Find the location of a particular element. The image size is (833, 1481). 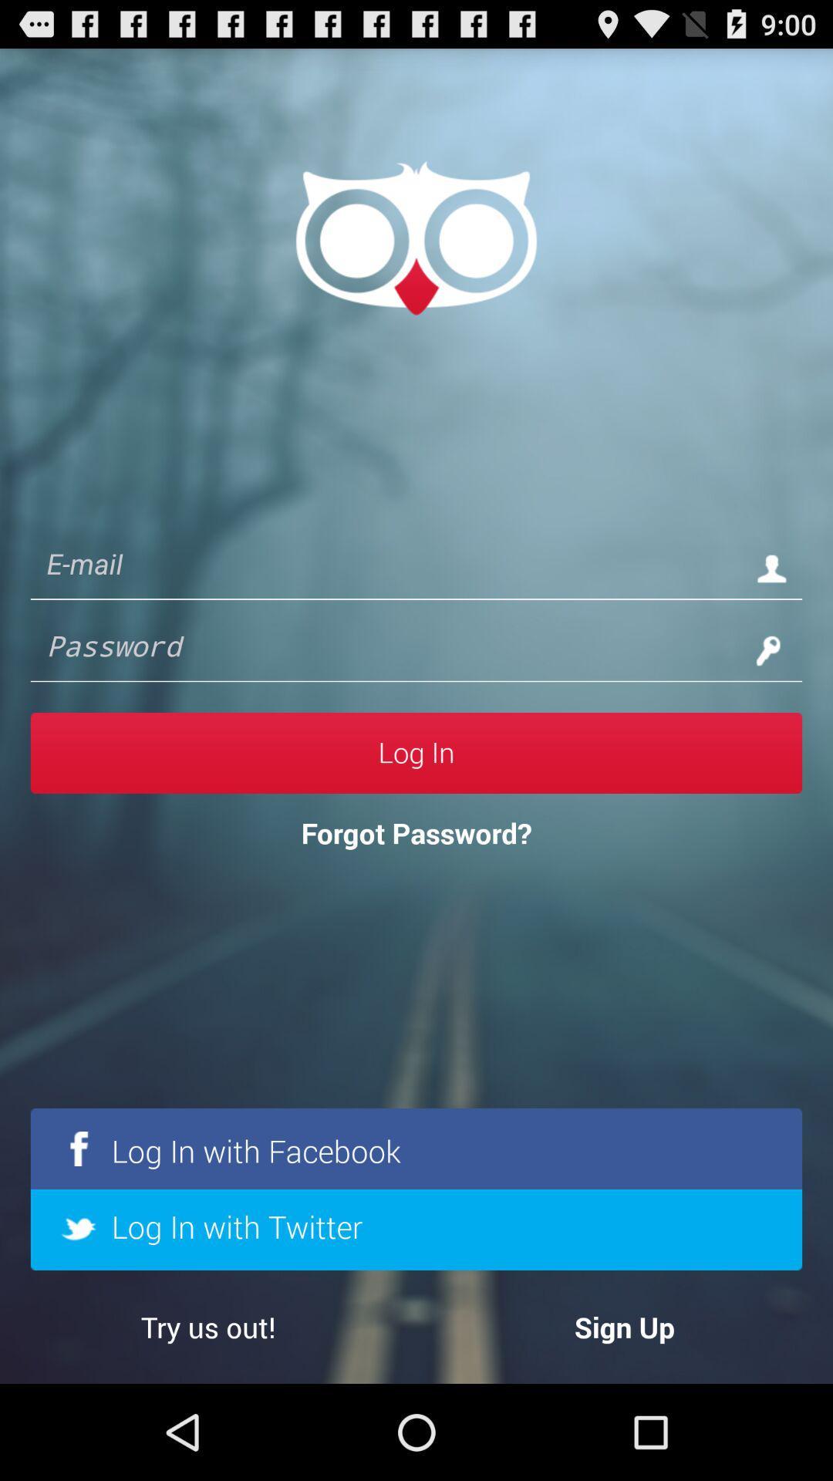

to enter password for login is located at coordinates (385, 650).